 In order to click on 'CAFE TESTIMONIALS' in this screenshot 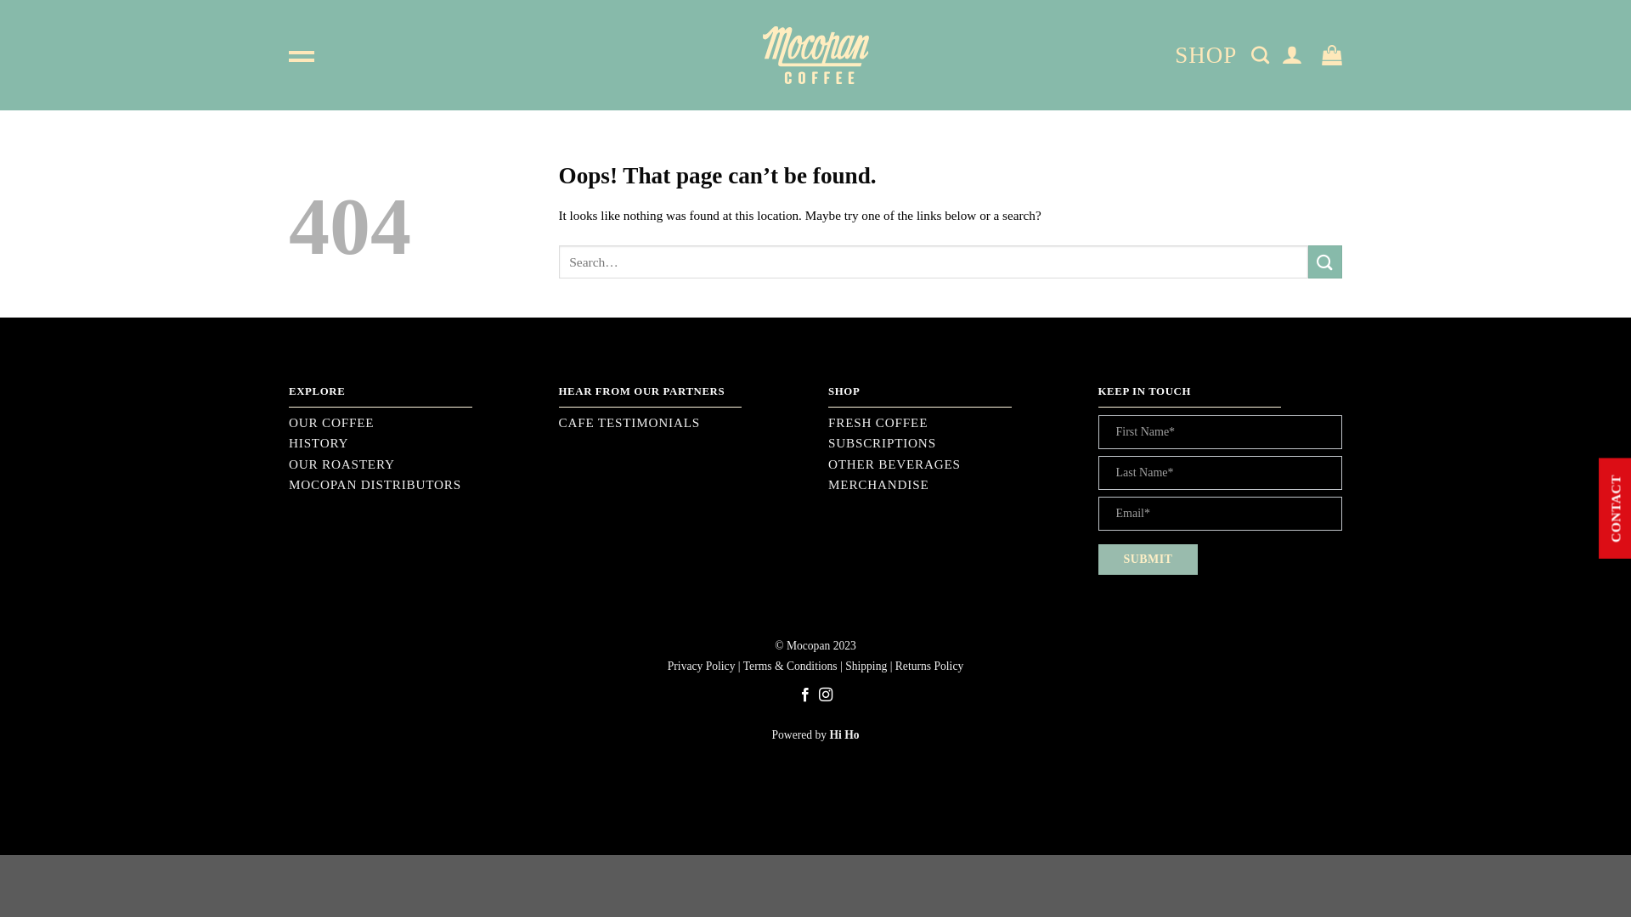, I will do `click(680, 421)`.